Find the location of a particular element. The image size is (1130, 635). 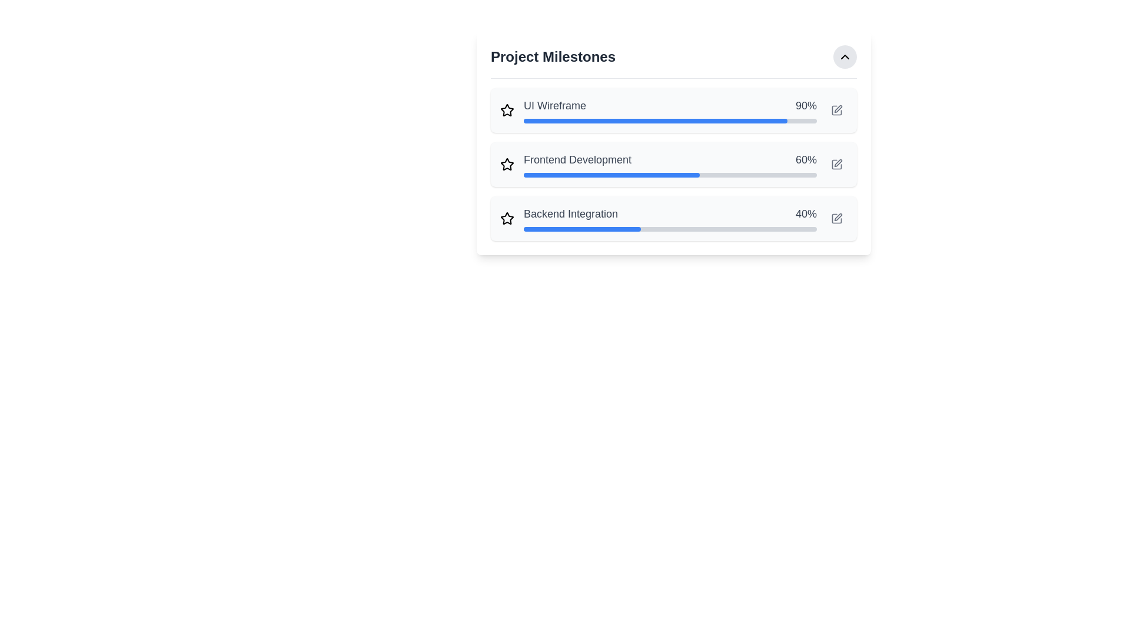

the small gray pen icon located at the upper-right corner of the first milestone entry next to the '90%' progress percentage for 'UI Wireframe' to trigger the color change effect is located at coordinates (836, 111).